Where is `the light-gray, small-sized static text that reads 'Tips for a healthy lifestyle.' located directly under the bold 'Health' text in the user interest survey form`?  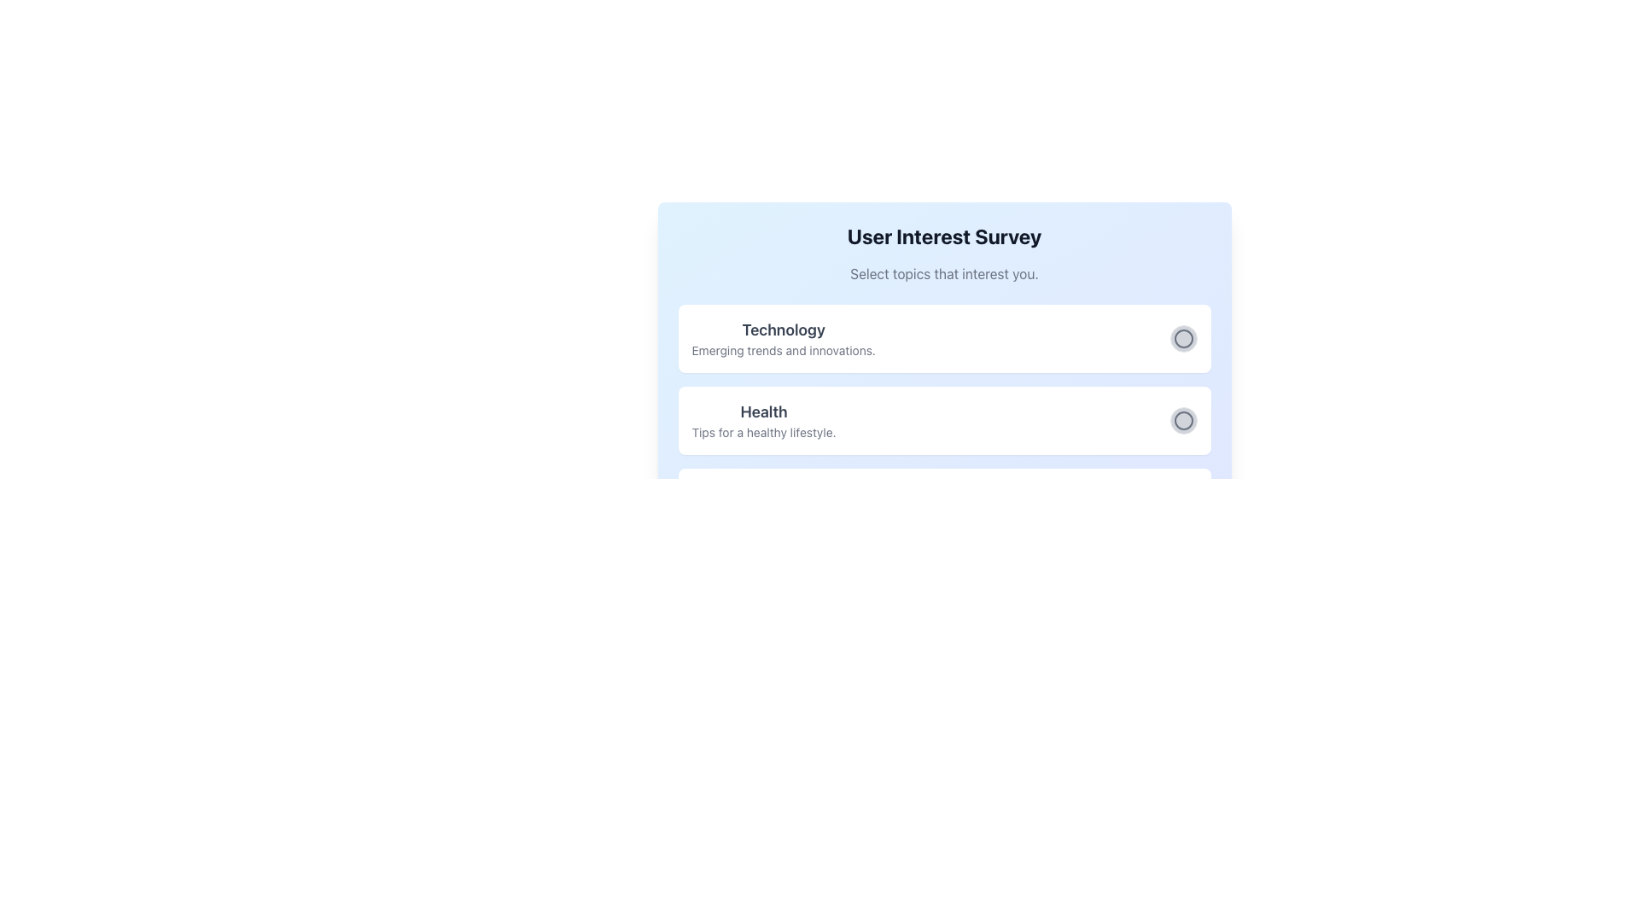 the light-gray, small-sized static text that reads 'Tips for a healthy lifestyle.' located directly under the bold 'Health' text in the user interest survey form is located at coordinates (763, 431).